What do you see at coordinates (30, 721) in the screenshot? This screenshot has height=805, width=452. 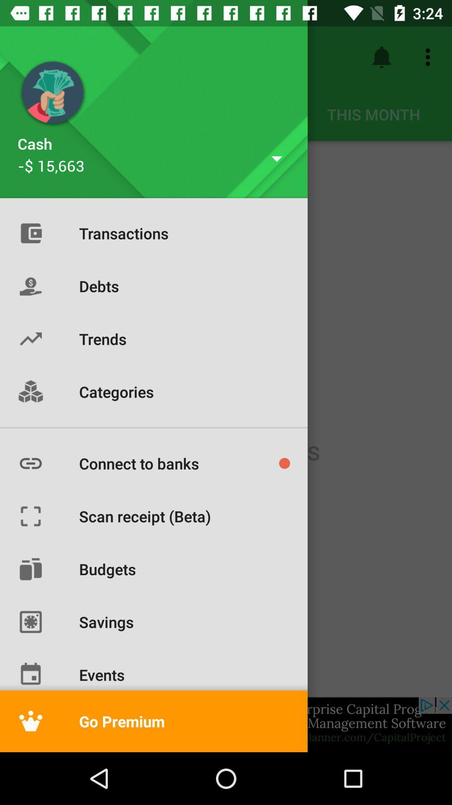 I see `the crown image option to the left of go premium text` at bounding box center [30, 721].